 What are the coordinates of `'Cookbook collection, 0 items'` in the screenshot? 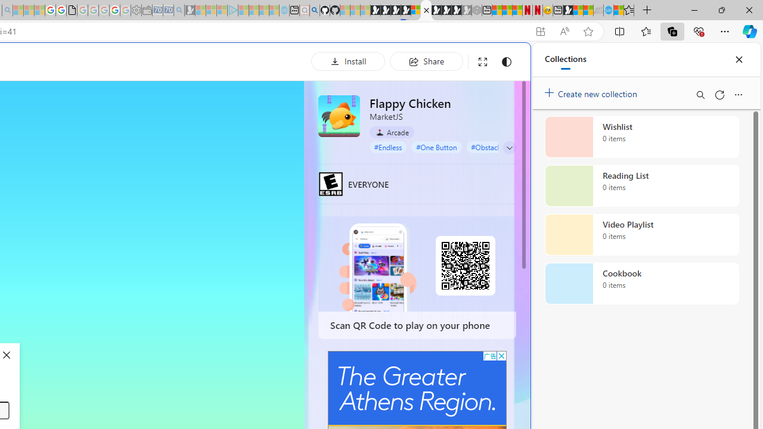 It's located at (641, 283).